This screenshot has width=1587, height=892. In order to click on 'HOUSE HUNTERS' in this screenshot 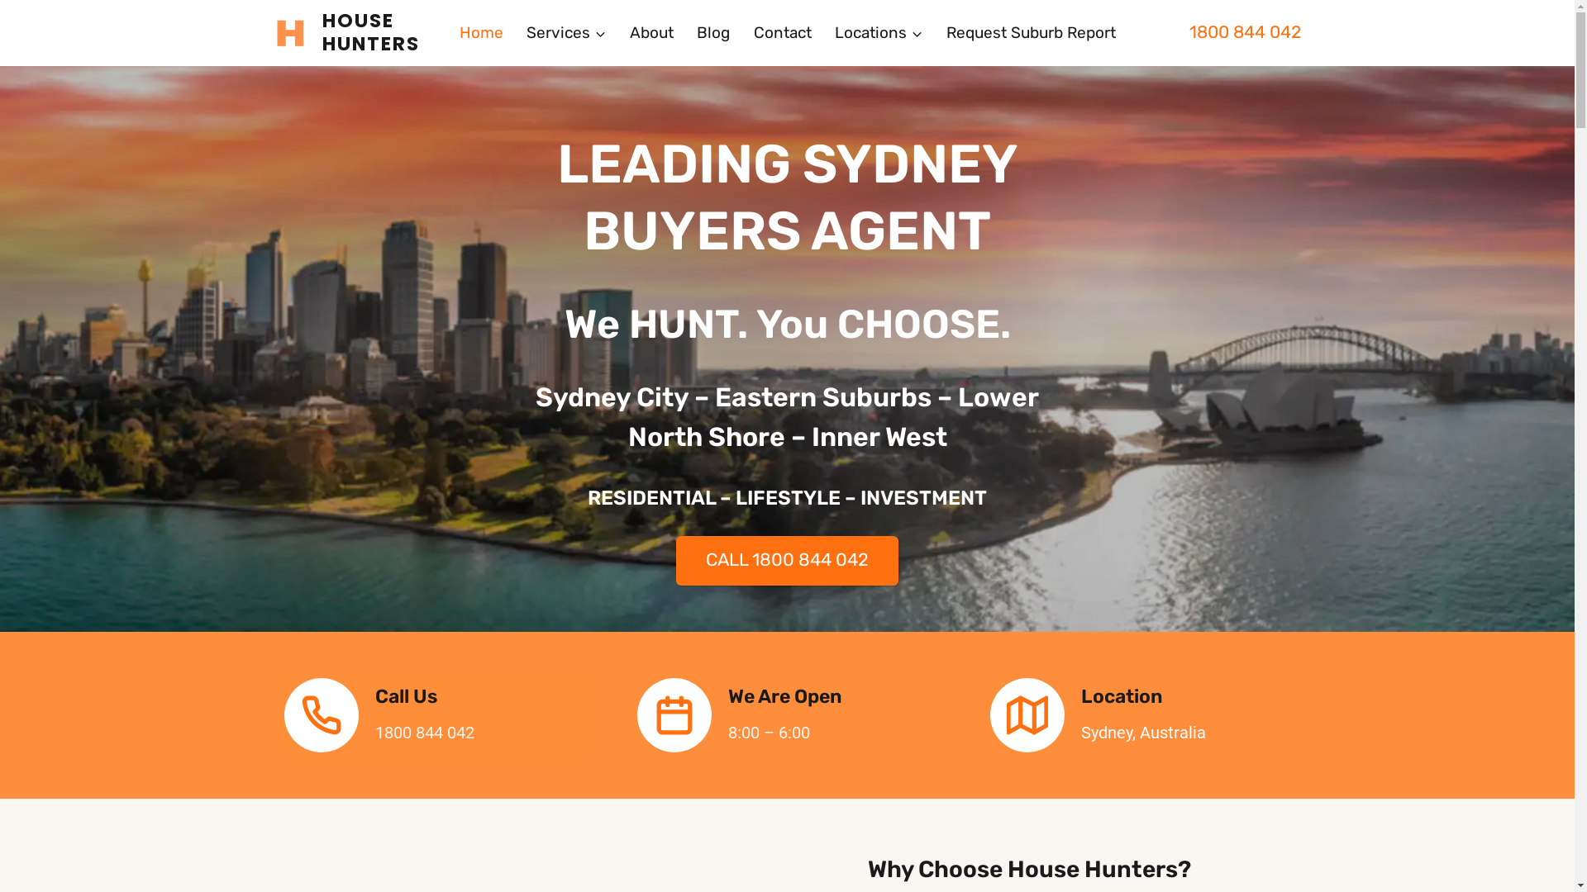, I will do `click(356, 32)`.